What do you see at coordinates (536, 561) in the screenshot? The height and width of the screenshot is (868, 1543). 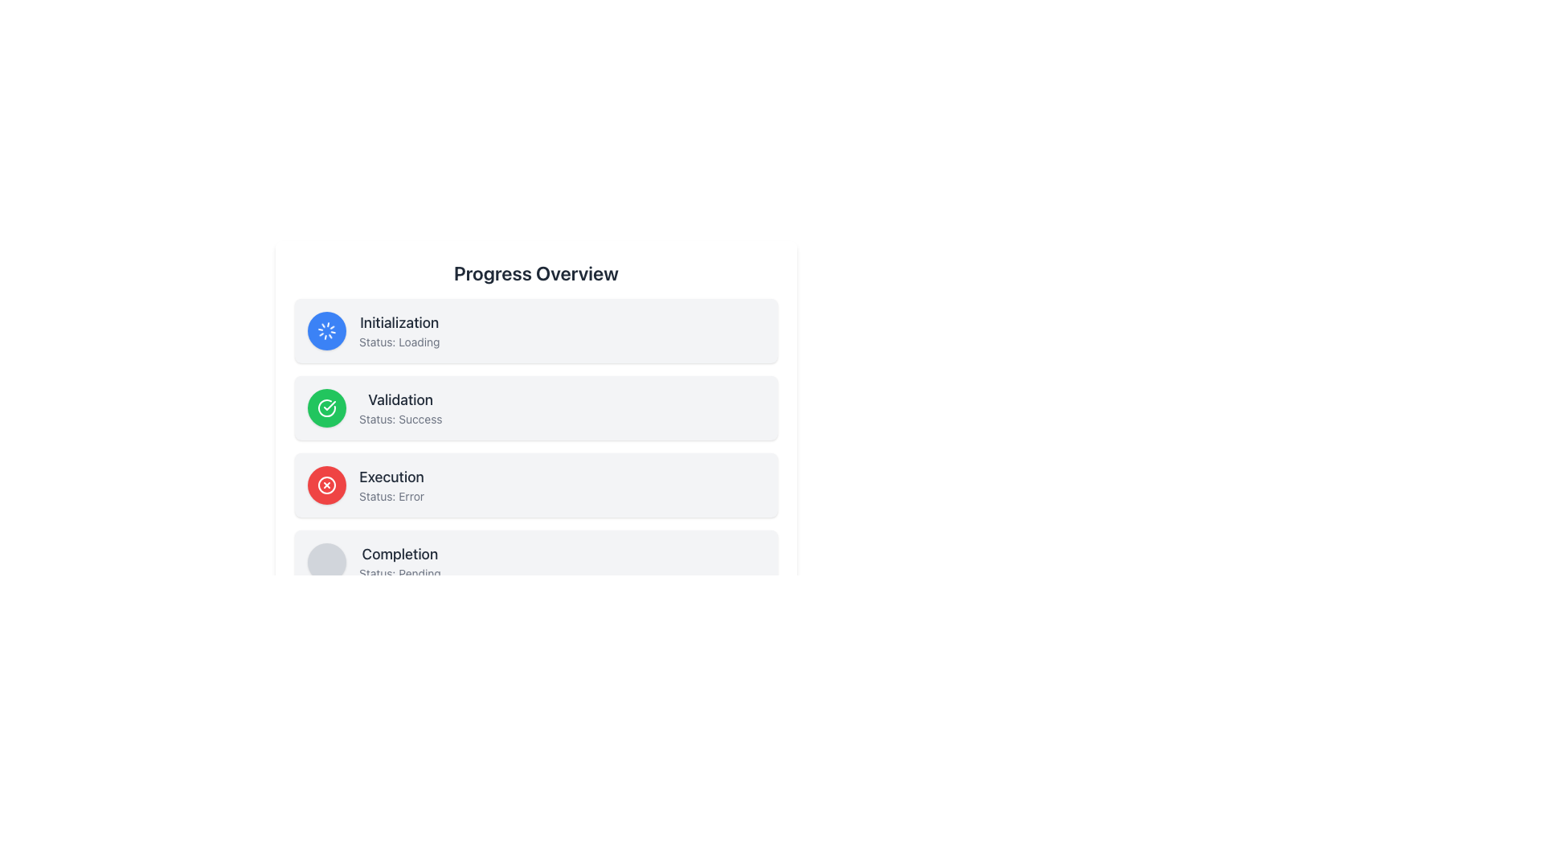 I see `the informational card displaying the current completion status as 'Pending', which is the last element in the vertical list under 'Progress Overview'` at bounding box center [536, 561].